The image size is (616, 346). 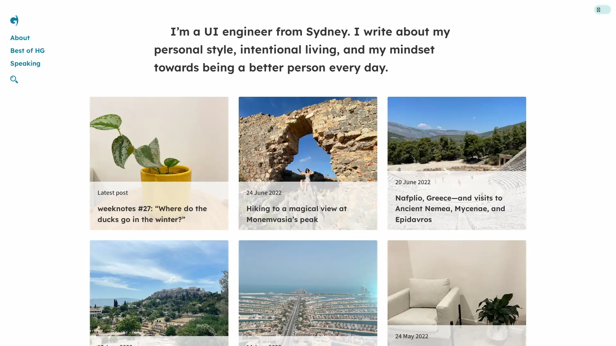 What do you see at coordinates (17, 79) in the screenshot?
I see `Search form trigger` at bounding box center [17, 79].